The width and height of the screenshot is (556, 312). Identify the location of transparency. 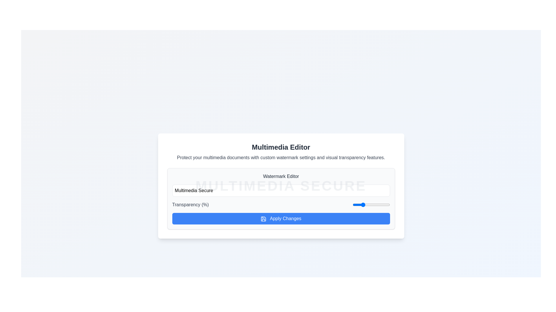
(385, 205).